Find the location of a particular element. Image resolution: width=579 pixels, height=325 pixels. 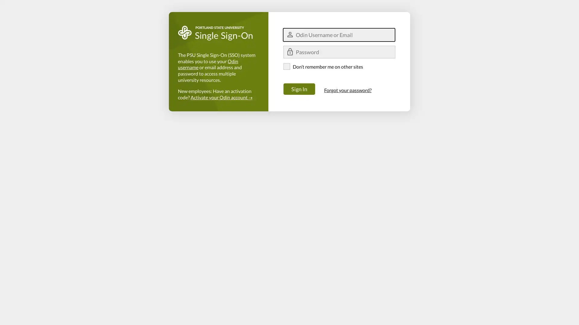

Sign In is located at coordinates (299, 89).